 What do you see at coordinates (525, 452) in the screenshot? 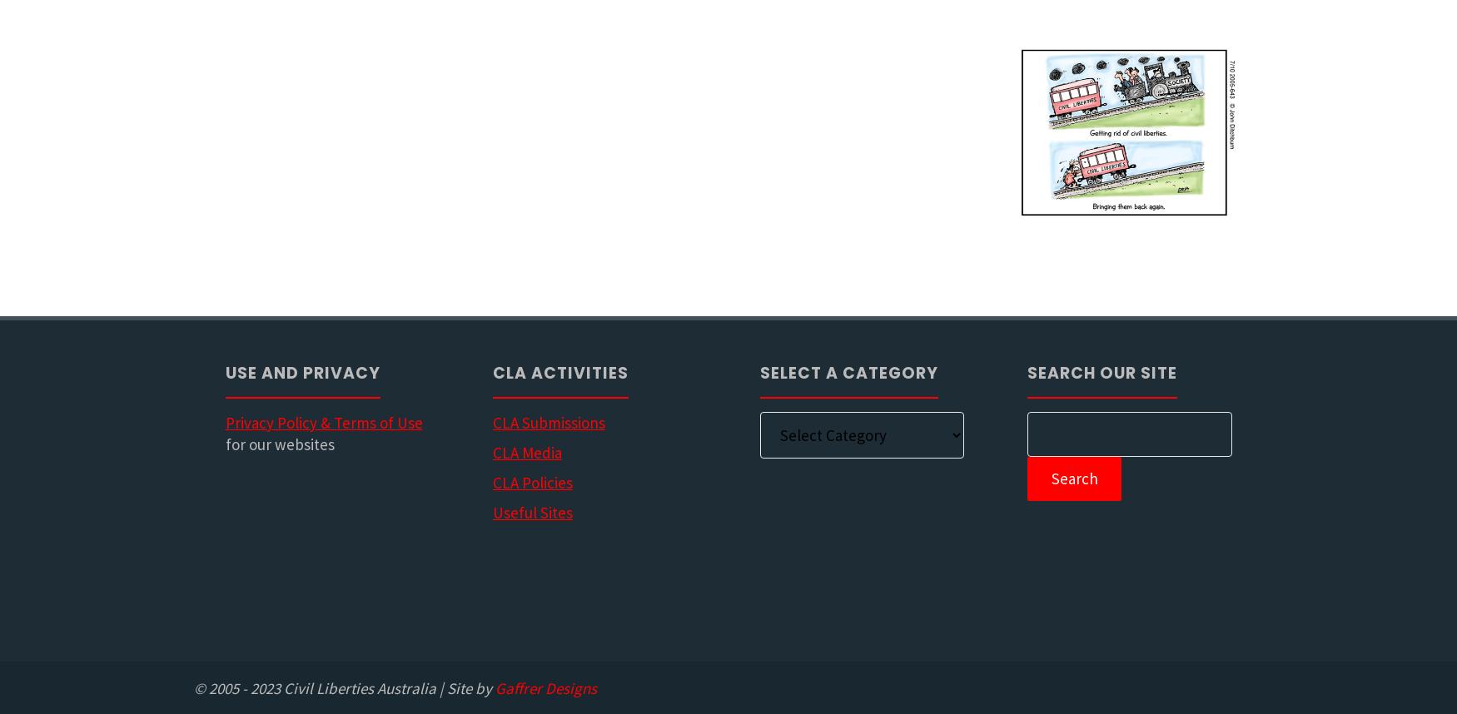
I see `'CLA Media'` at bounding box center [525, 452].